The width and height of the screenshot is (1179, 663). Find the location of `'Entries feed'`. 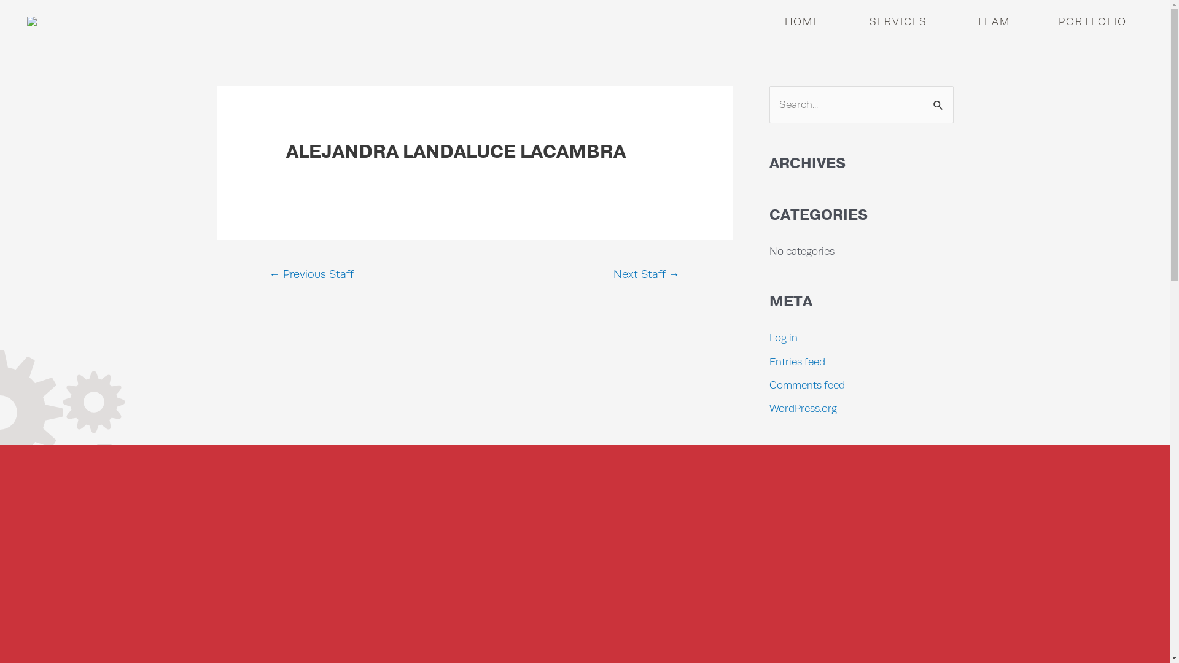

'Entries feed' is located at coordinates (796, 361).